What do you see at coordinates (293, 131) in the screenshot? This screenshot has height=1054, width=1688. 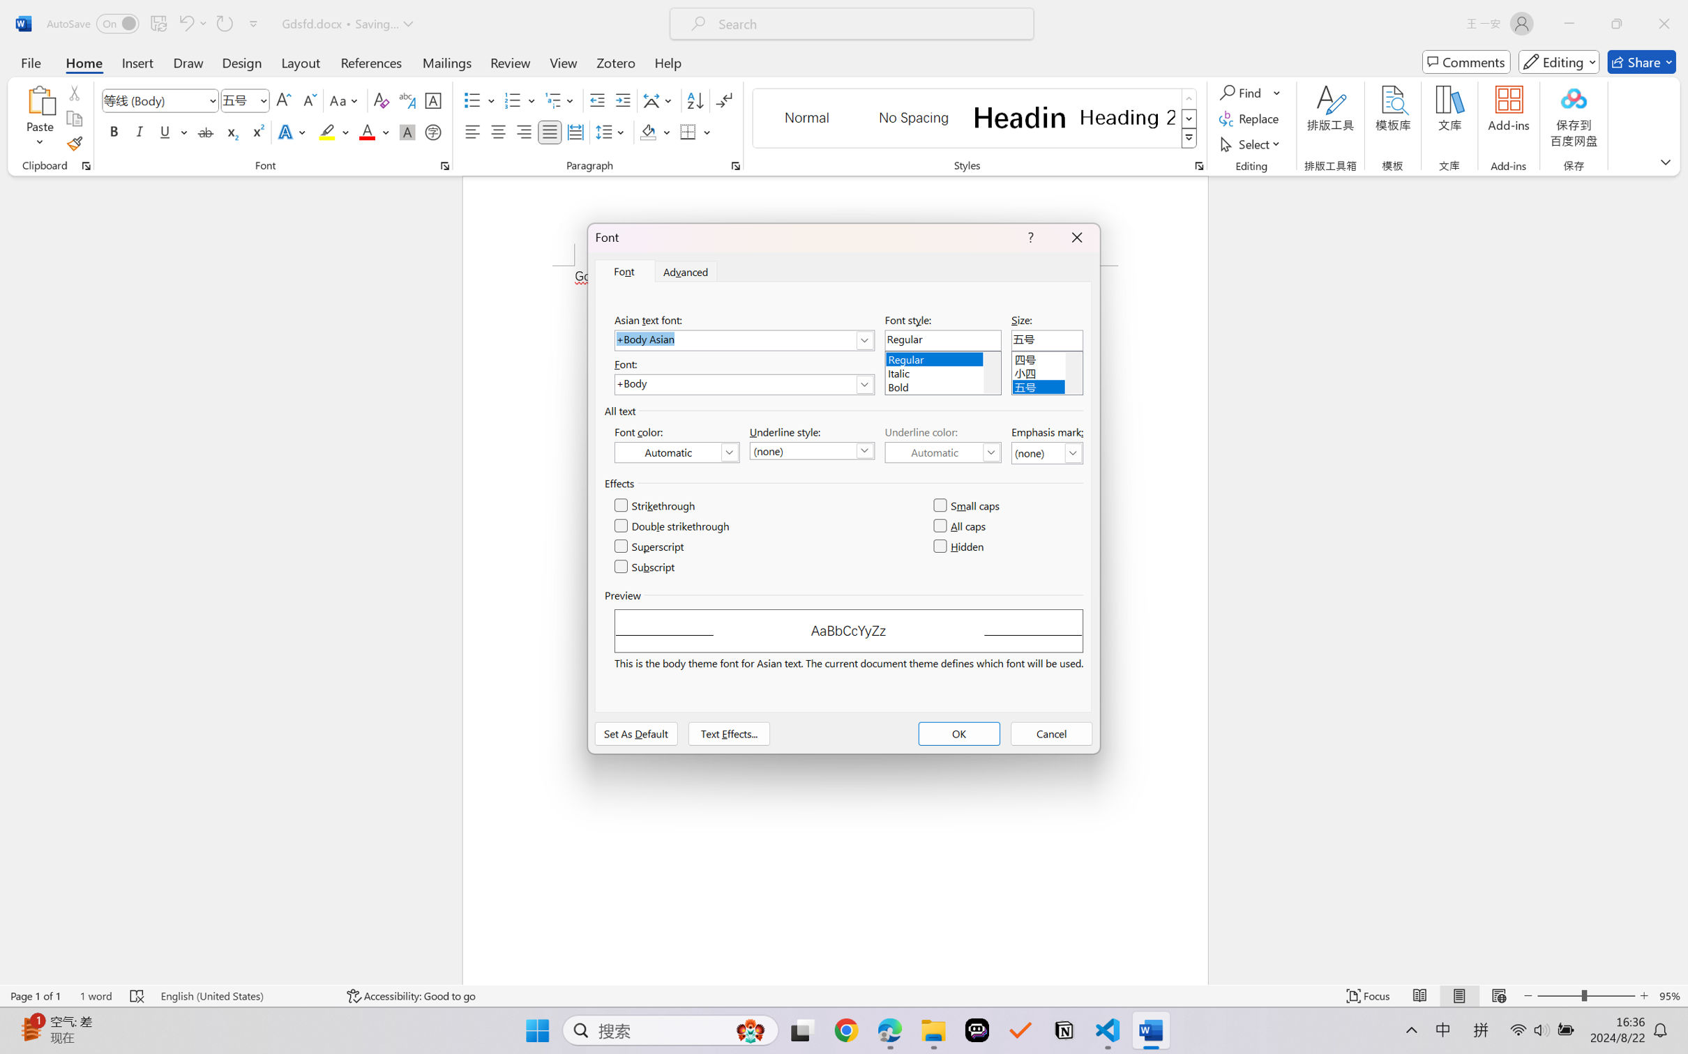 I see `'Text Effects and Typography'` at bounding box center [293, 131].